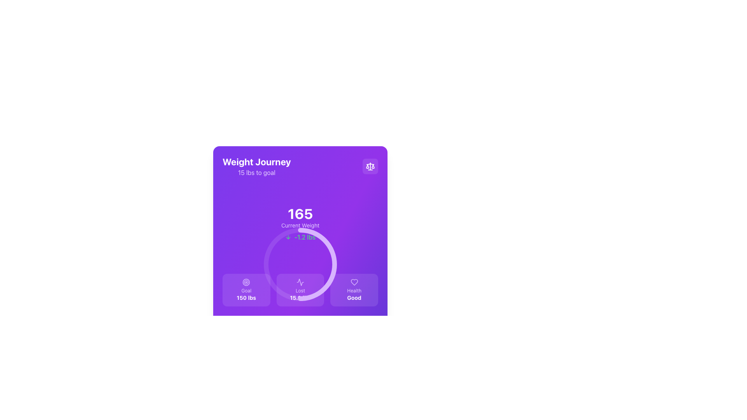  I want to click on displayed weight change information '-1.2 lbs' along with its accompanying downwards arrow icon, which is located on a purple background under the main weight value '165', so click(300, 236).